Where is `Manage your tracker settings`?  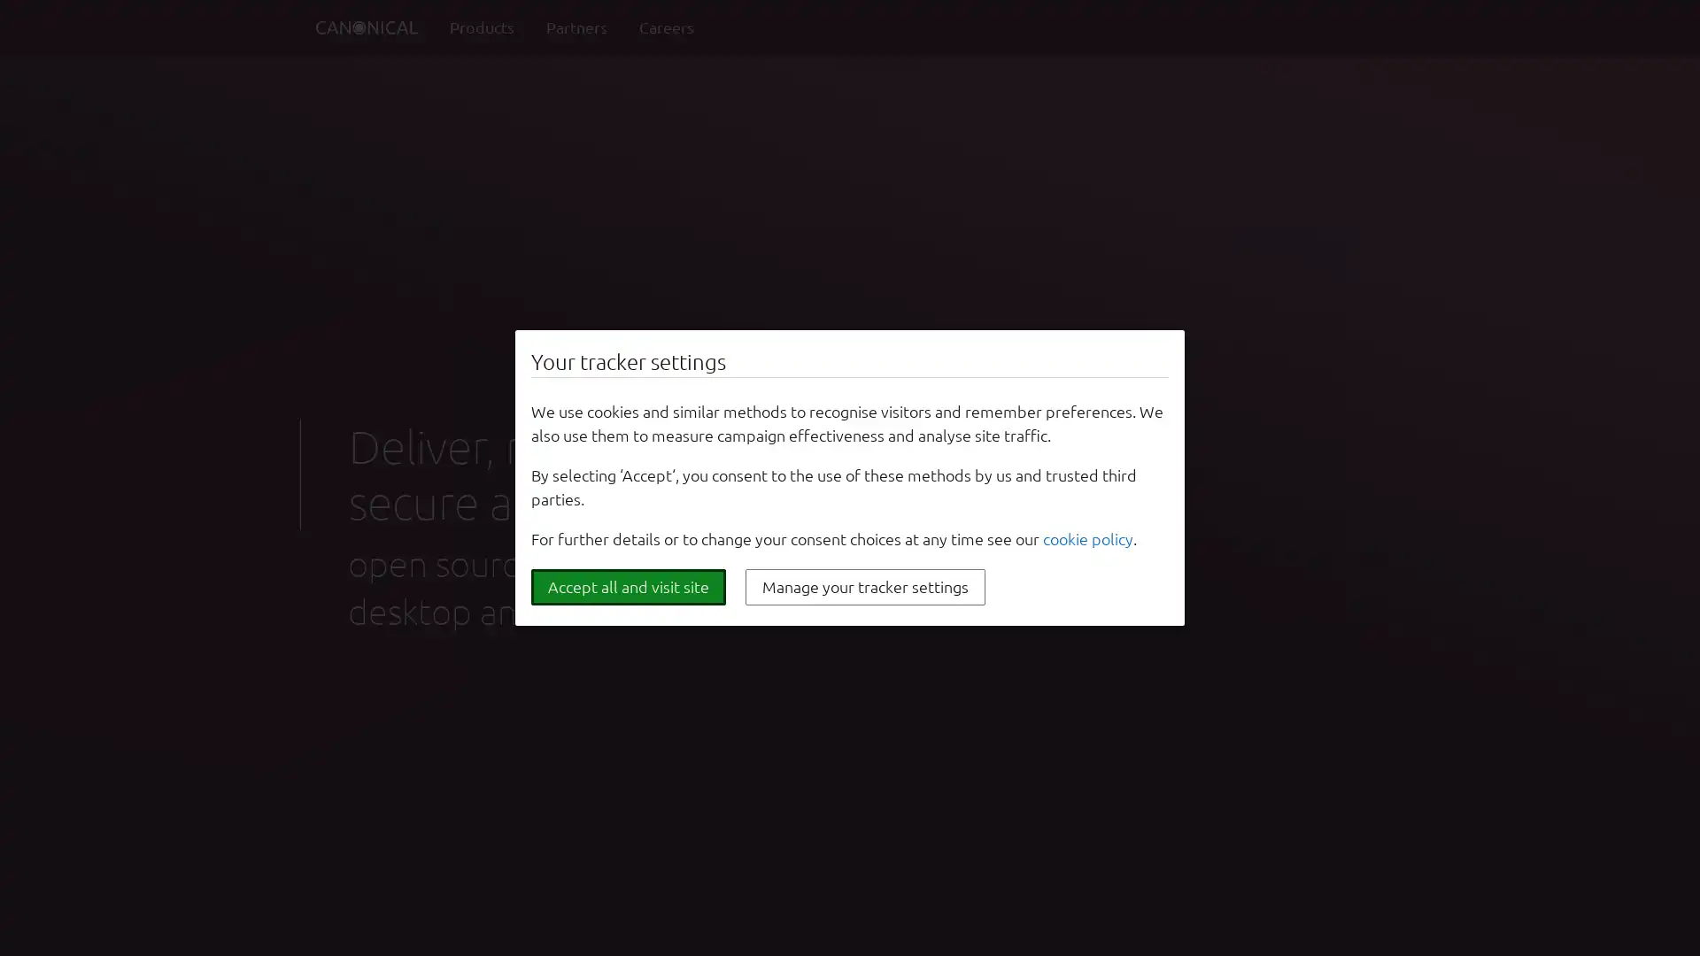 Manage your tracker settings is located at coordinates (865, 587).